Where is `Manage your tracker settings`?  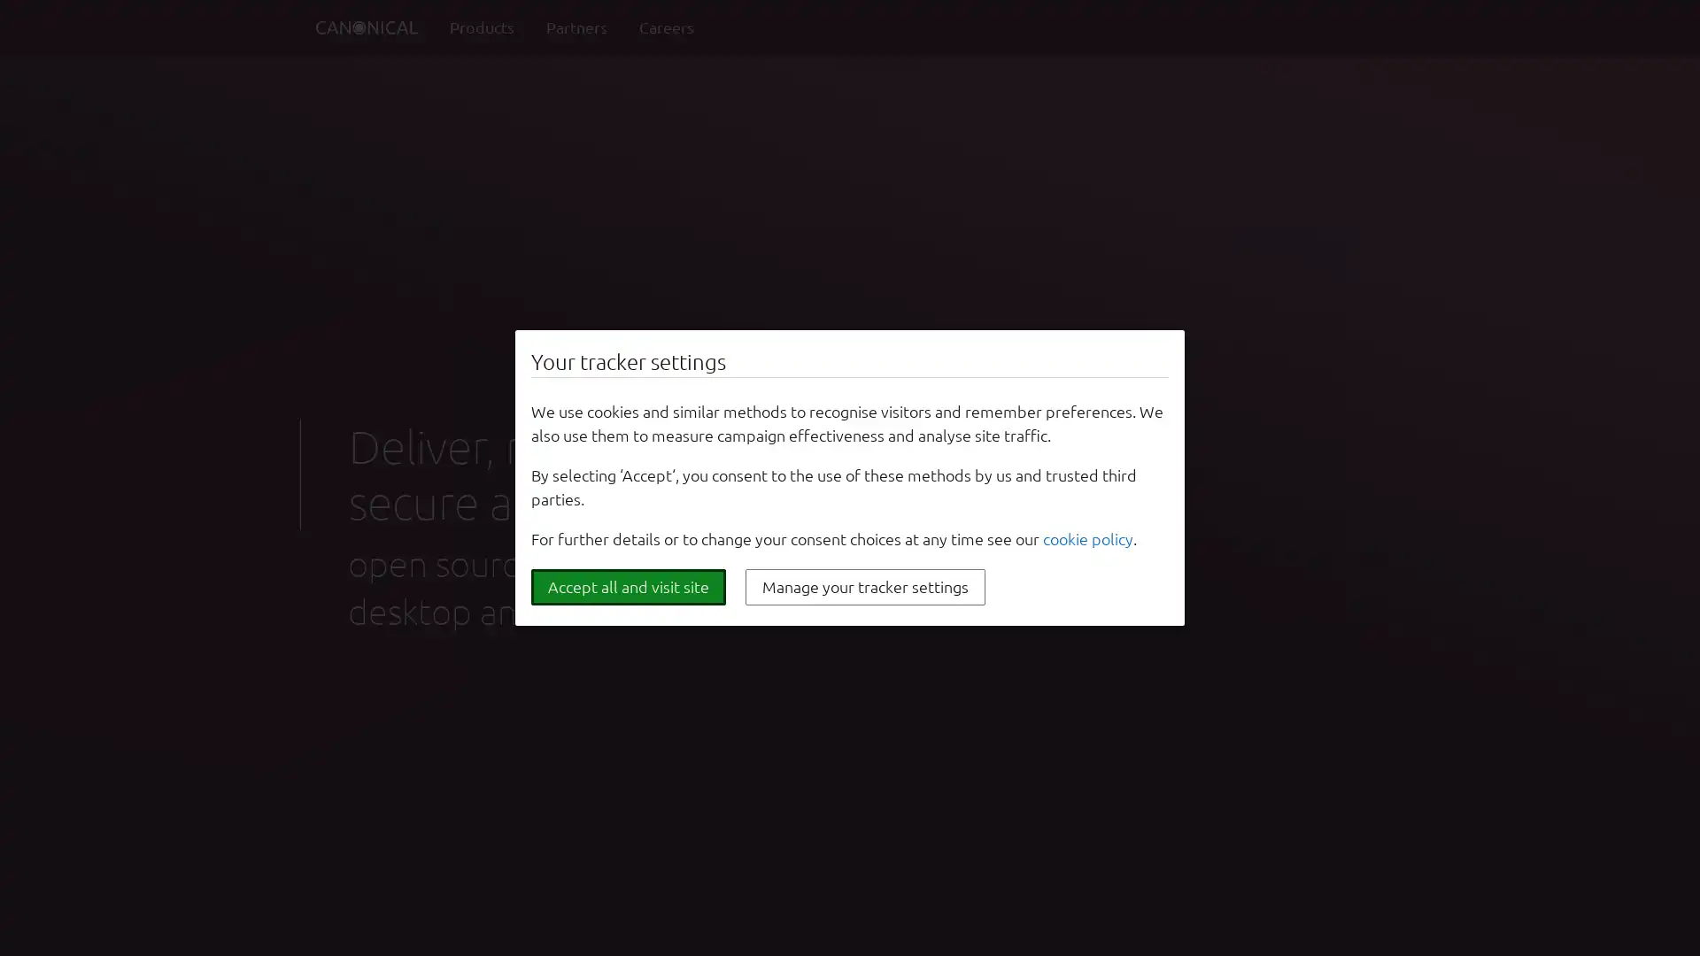 Manage your tracker settings is located at coordinates (865, 587).